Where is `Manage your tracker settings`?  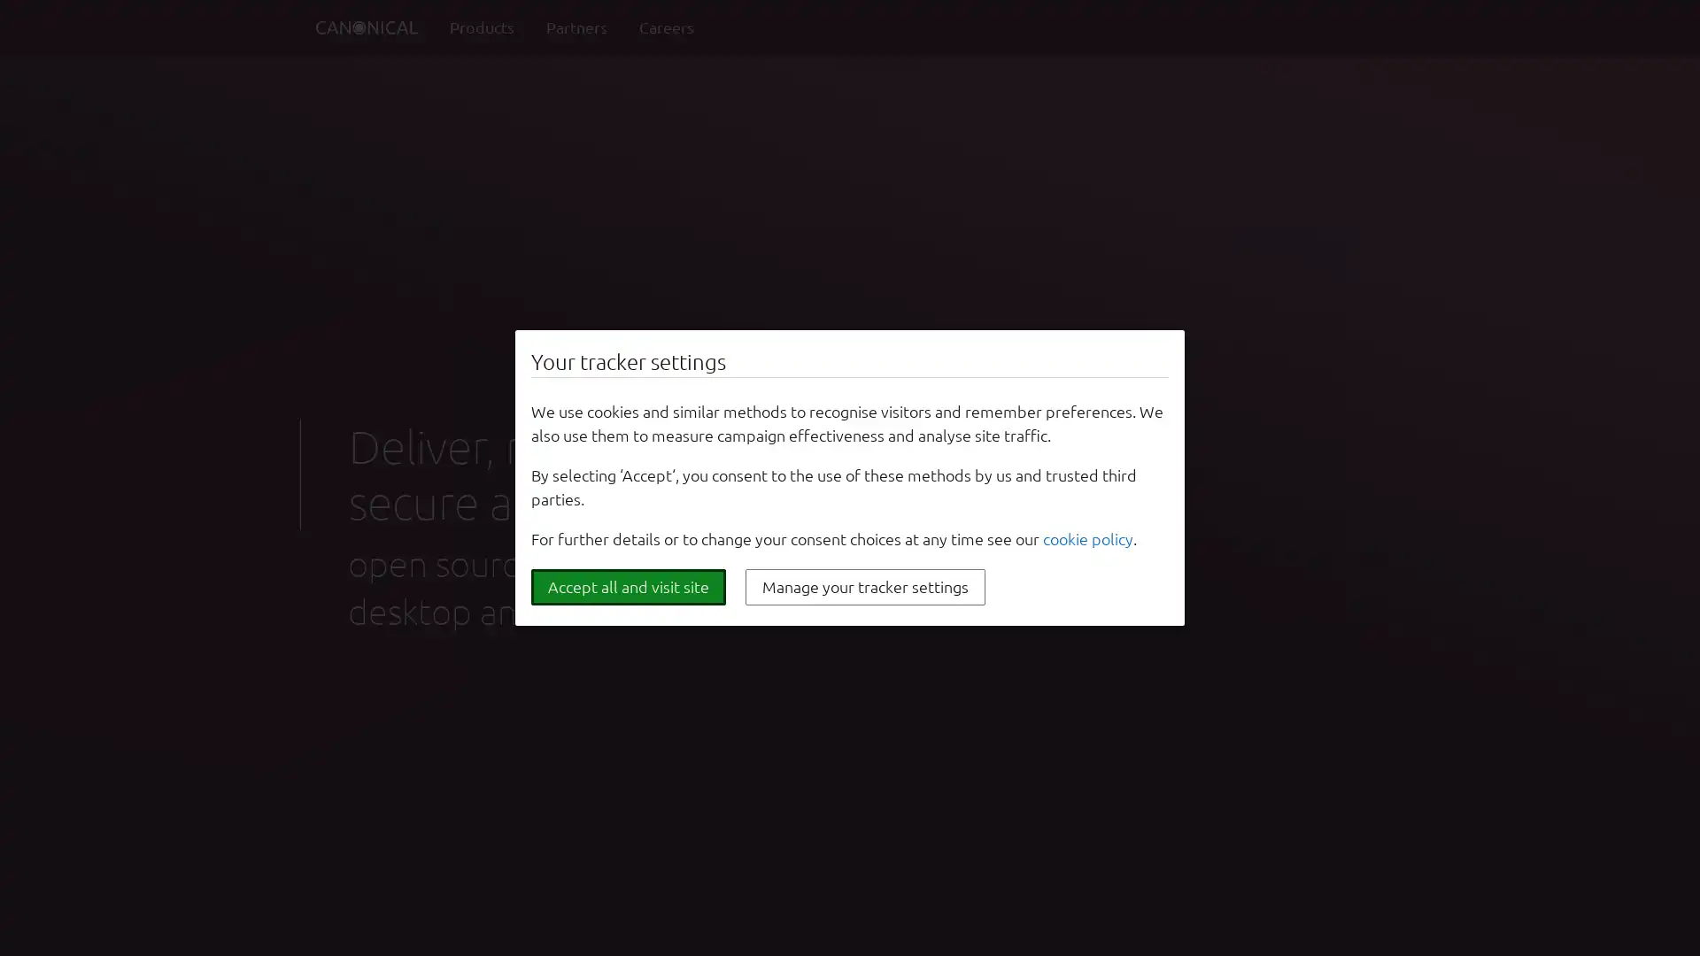 Manage your tracker settings is located at coordinates (865, 587).